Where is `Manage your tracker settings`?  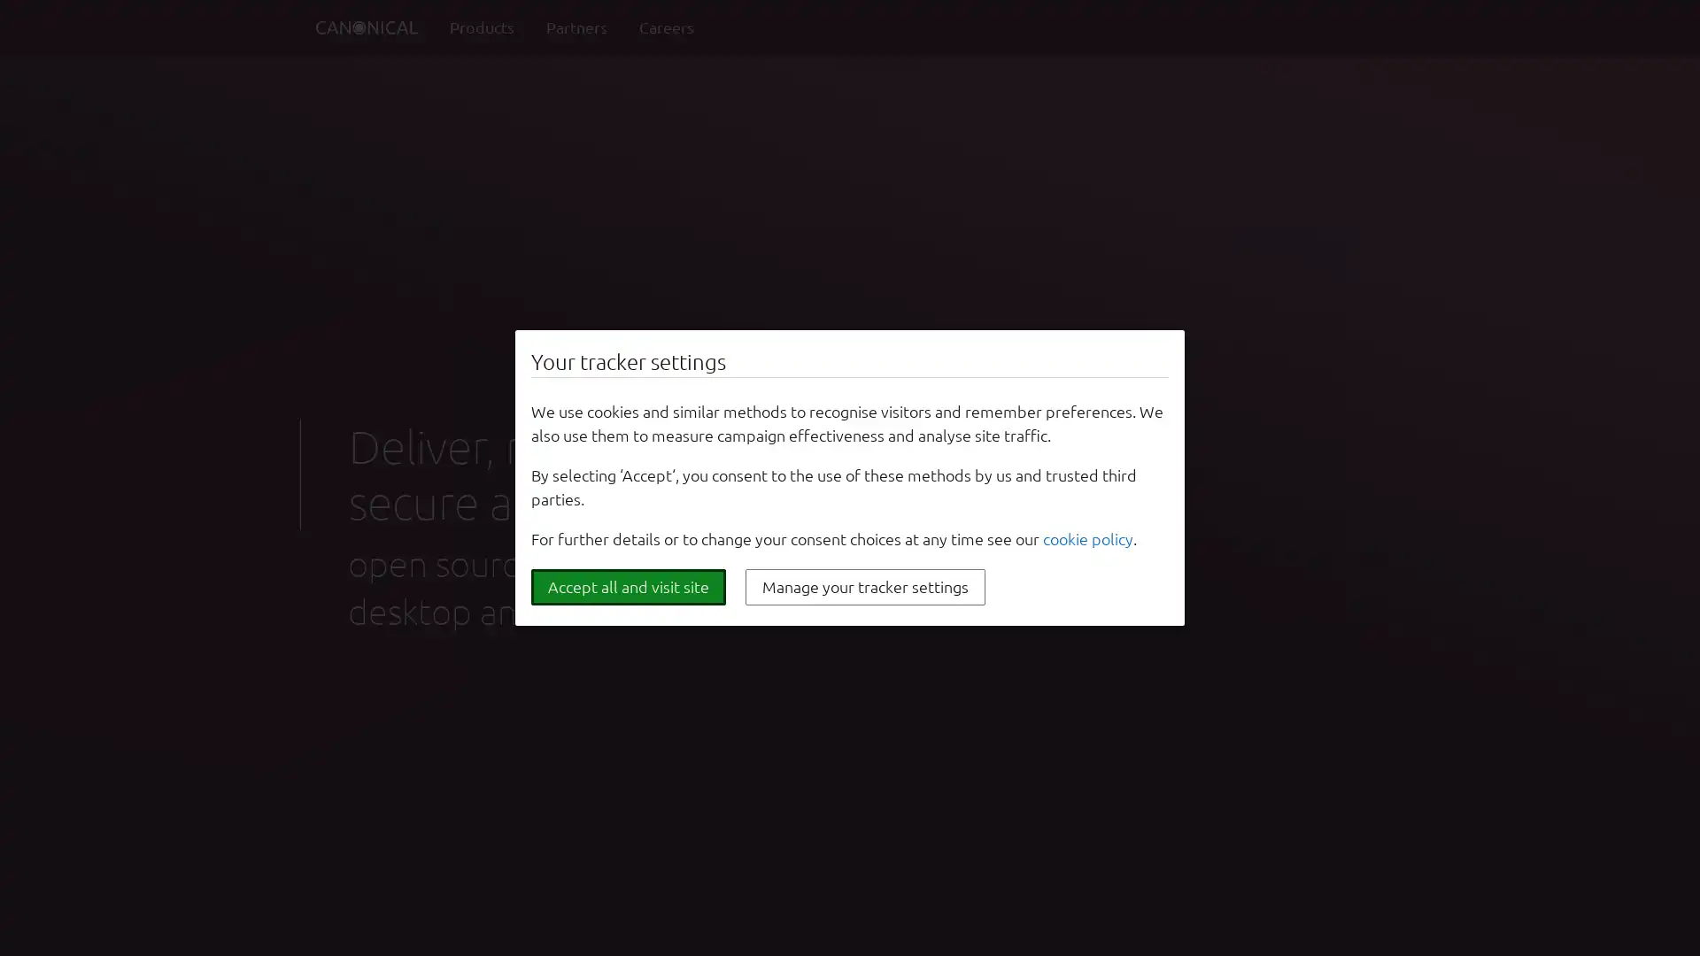 Manage your tracker settings is located at coordinates (865, 587).